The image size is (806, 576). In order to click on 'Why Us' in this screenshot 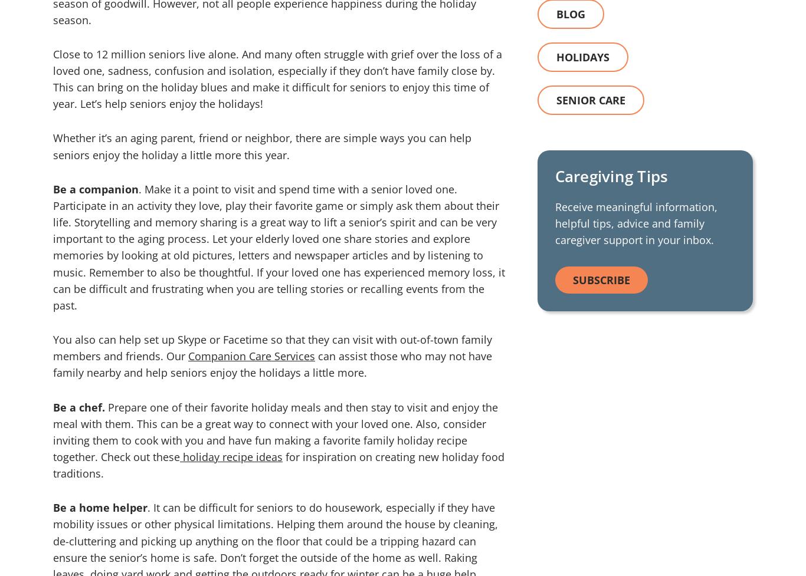, I will do `click(253, 84)`.